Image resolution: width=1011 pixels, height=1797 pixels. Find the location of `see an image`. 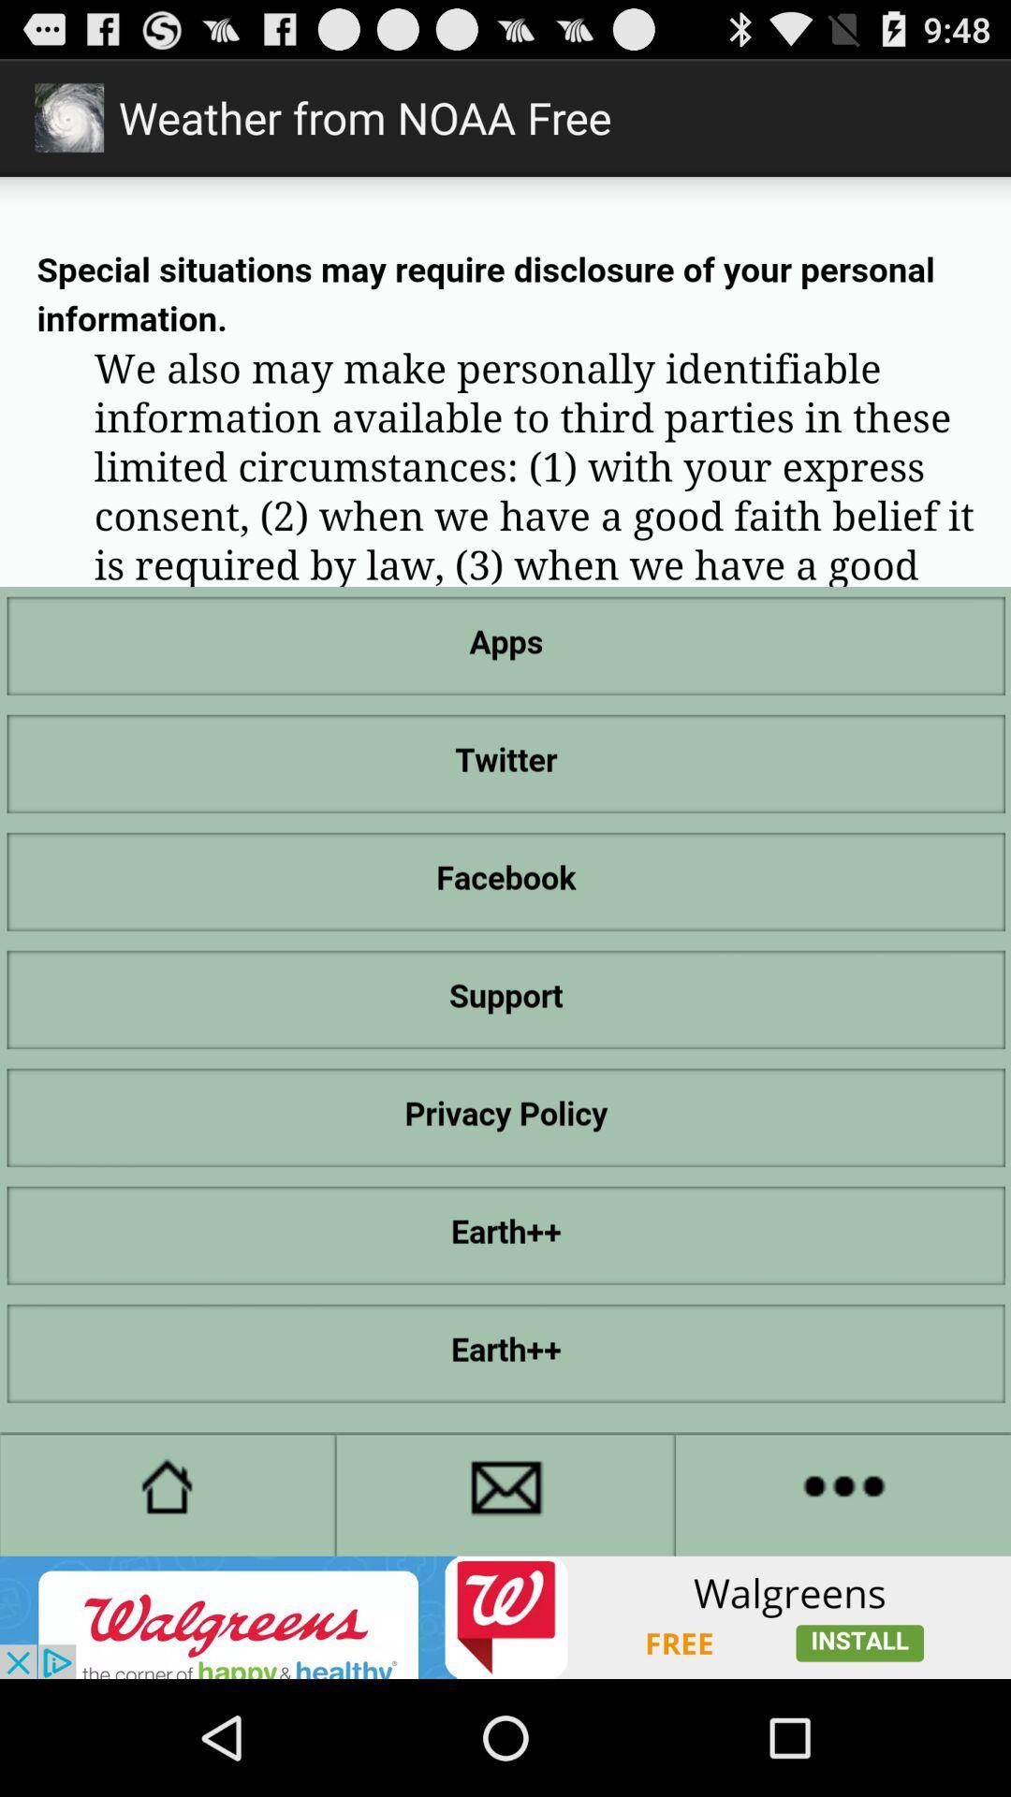

see an image is located at coordinates (505, 1616).